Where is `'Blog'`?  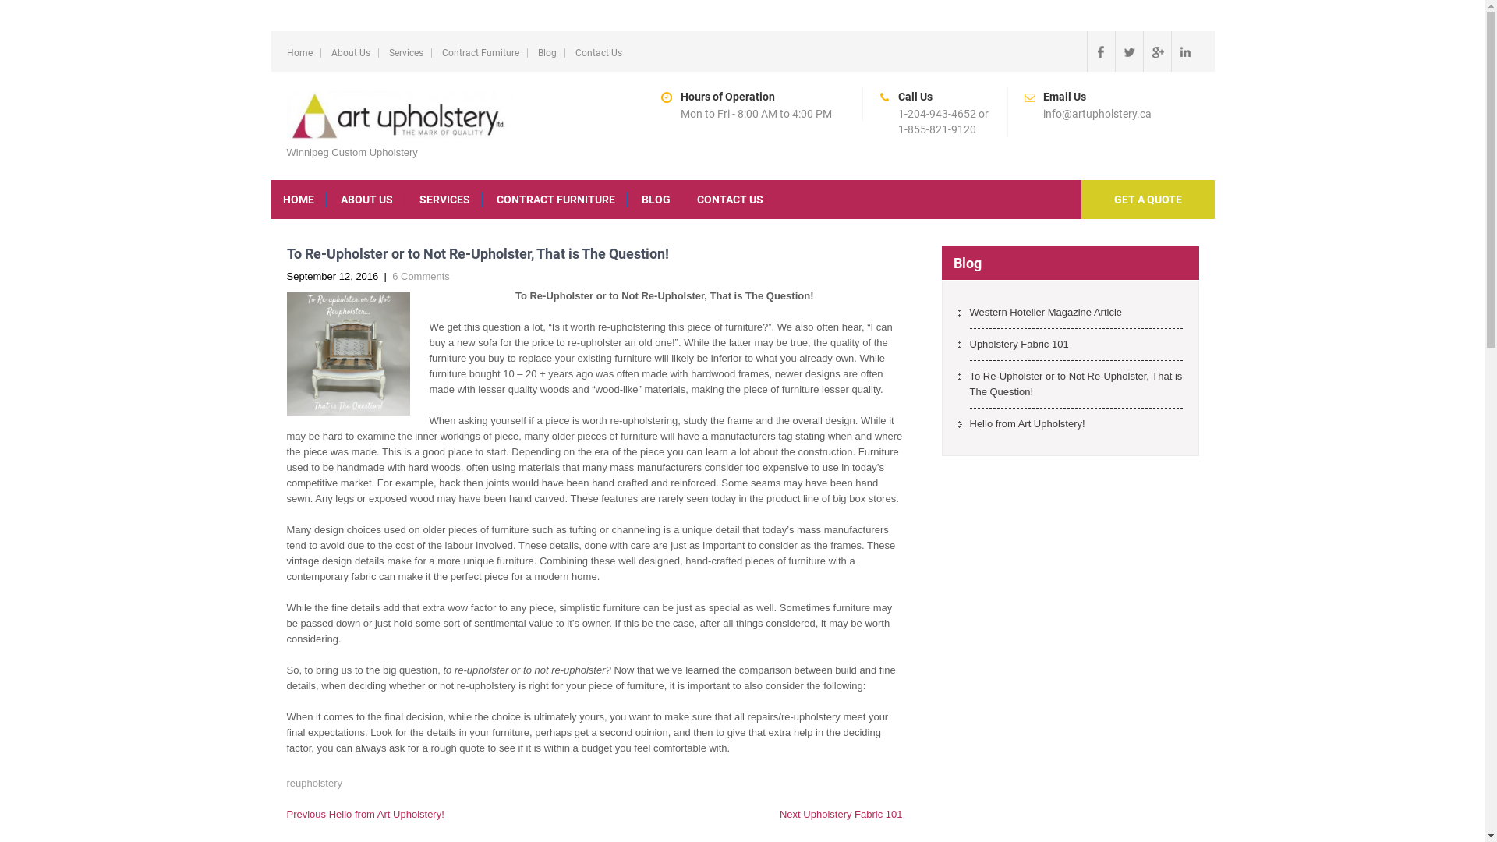 'Blog' is located at coordinates (547, 52).